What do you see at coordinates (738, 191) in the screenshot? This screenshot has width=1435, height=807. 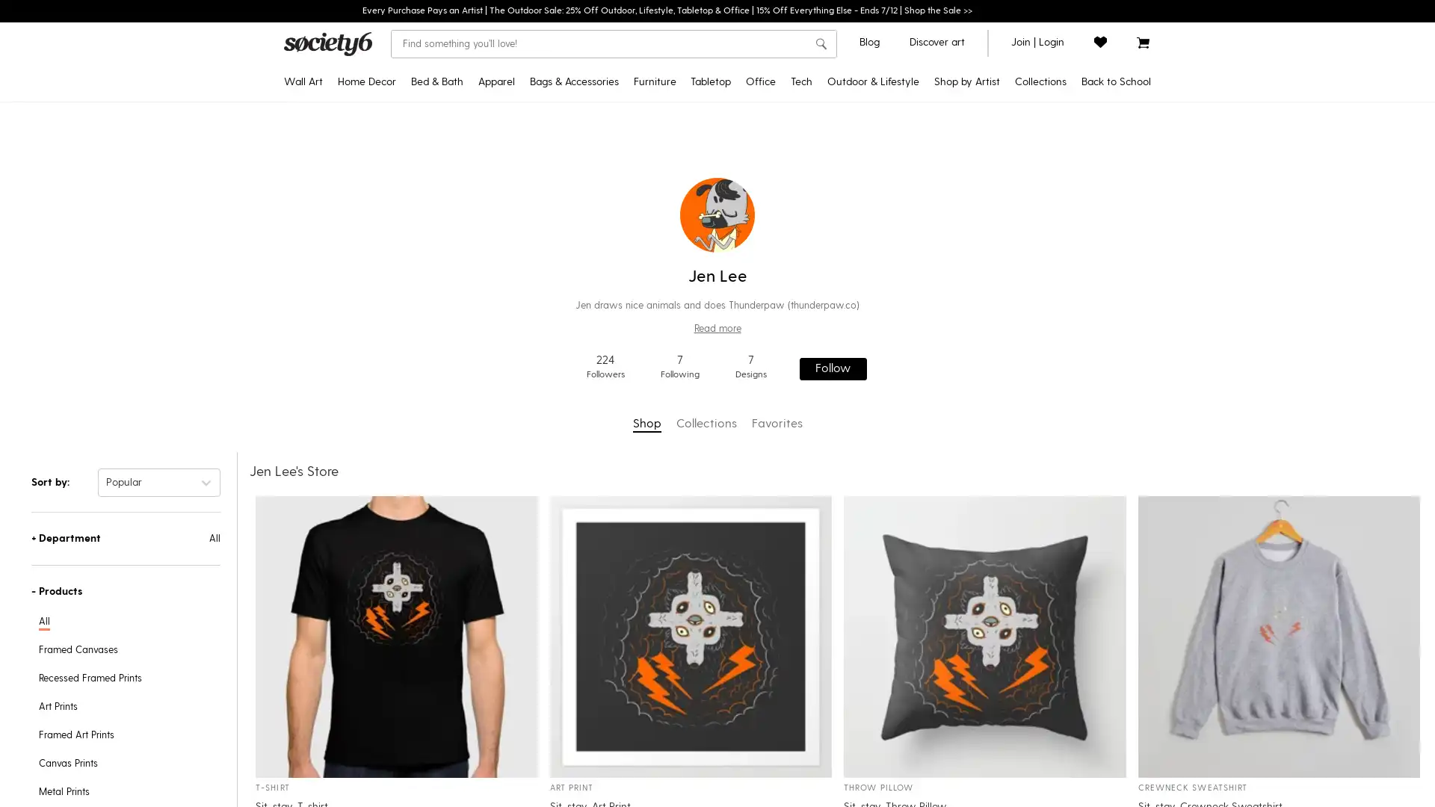 I see `Table Runners` at bounding box center [738, 191].